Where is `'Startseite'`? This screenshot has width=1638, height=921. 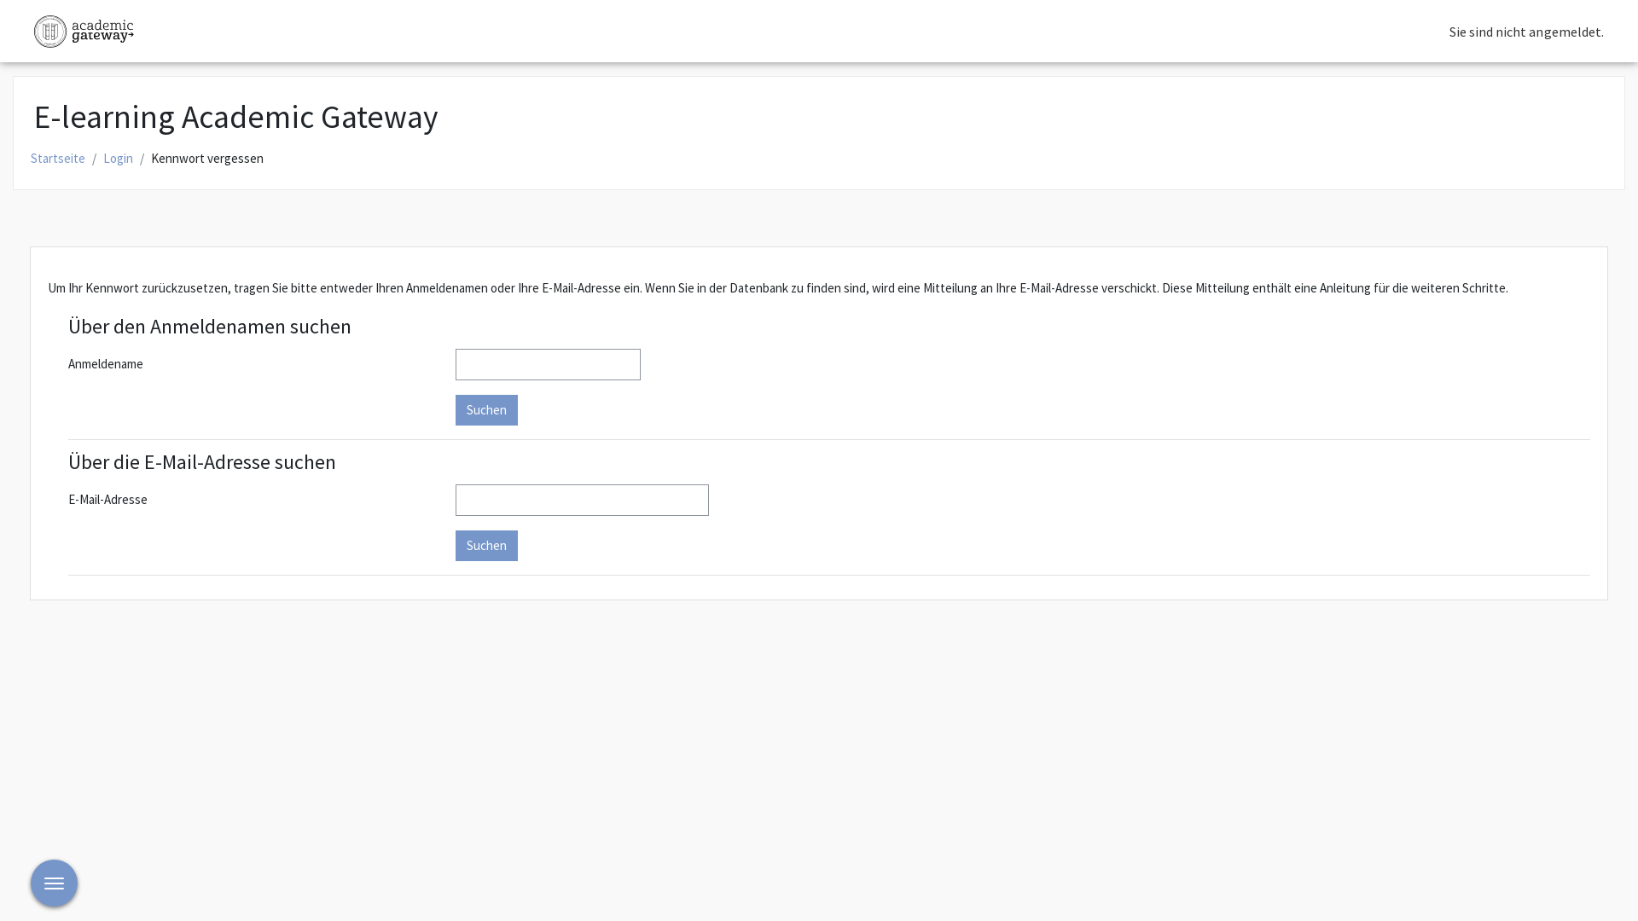
'Startseite' is located at coordinates (57, 159).